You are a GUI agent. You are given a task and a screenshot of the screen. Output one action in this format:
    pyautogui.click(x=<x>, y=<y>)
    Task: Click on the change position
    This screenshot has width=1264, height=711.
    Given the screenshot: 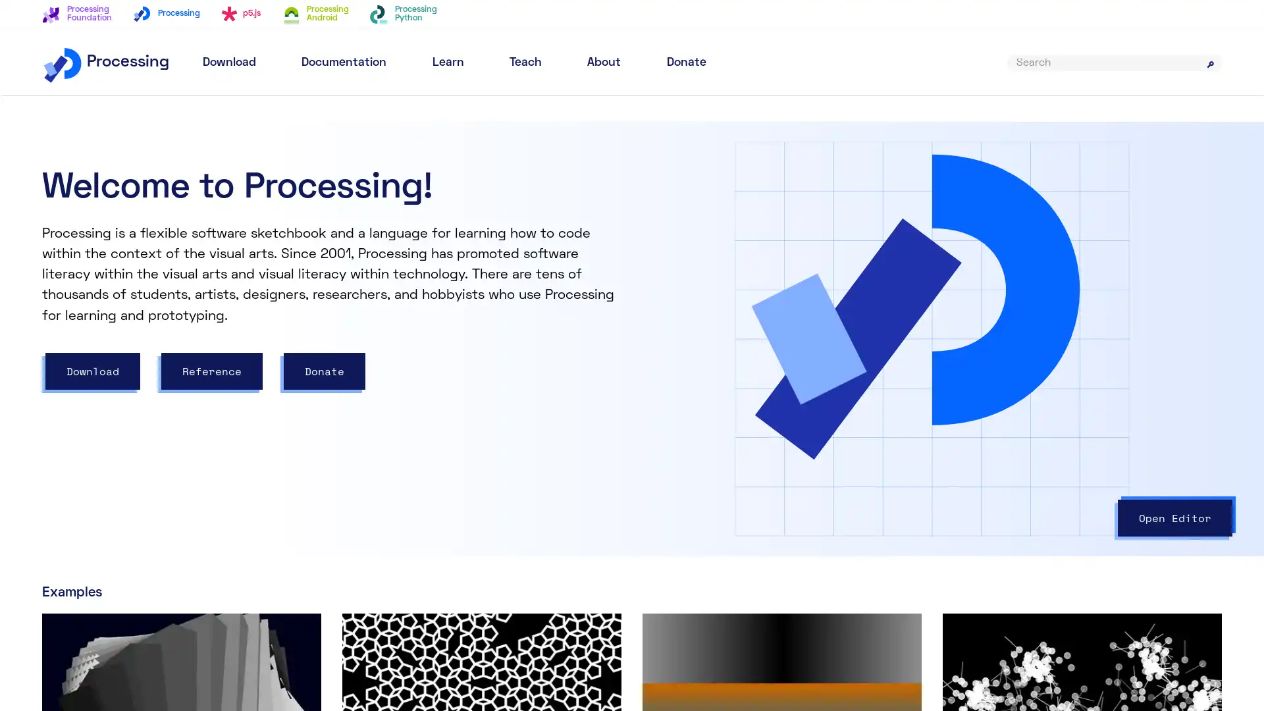 What is the action you would take?
    pyautogui.click(x=744, y=451)
    